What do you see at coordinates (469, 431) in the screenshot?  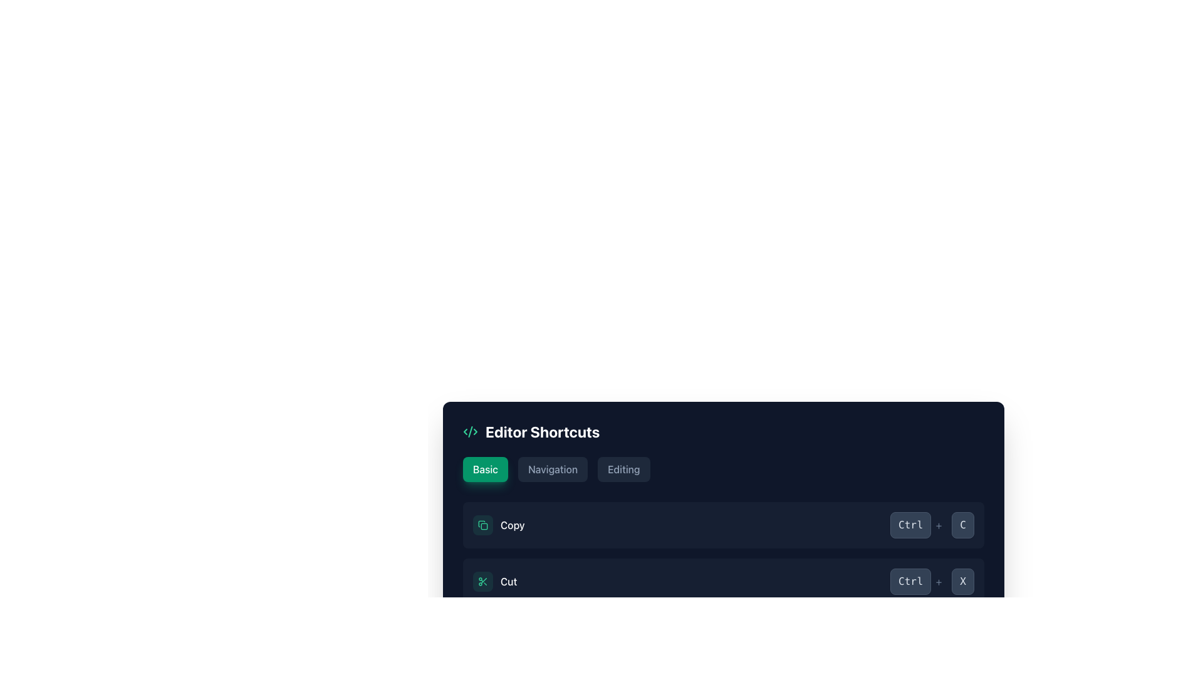 I see `properties of the emerald green code symbol icon located at the top left of the 'Editor Shortcuts' section` at bounding box center [469, 431].